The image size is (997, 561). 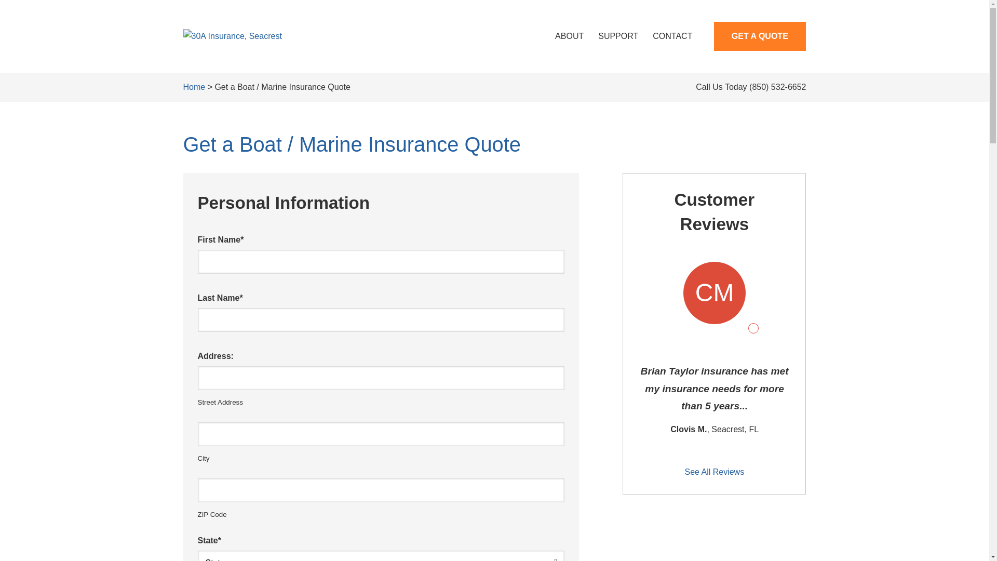 I want to click on '30A Insurance, Seacrest', so click(x=231, y=35).